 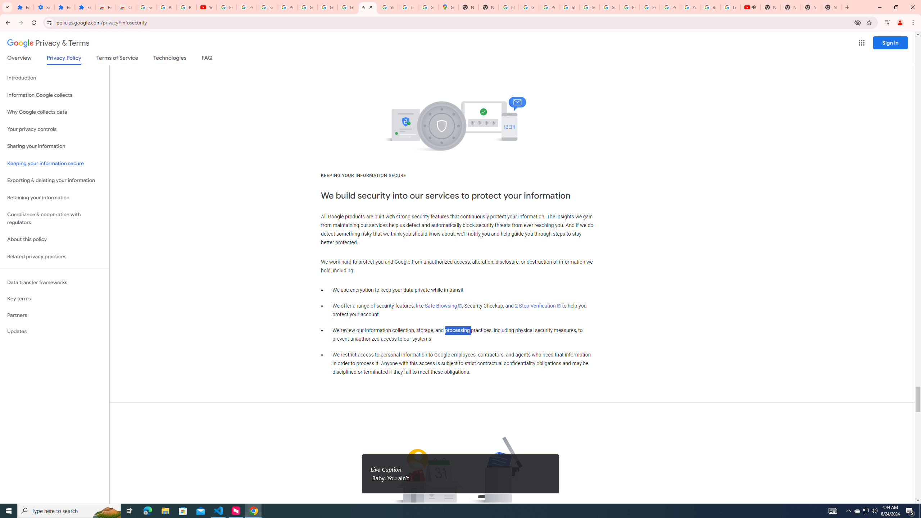 What do you see at coordinates (54, 197) in the screenshot?
I see `'Retaining your information'` at bounding box center [54, 197].